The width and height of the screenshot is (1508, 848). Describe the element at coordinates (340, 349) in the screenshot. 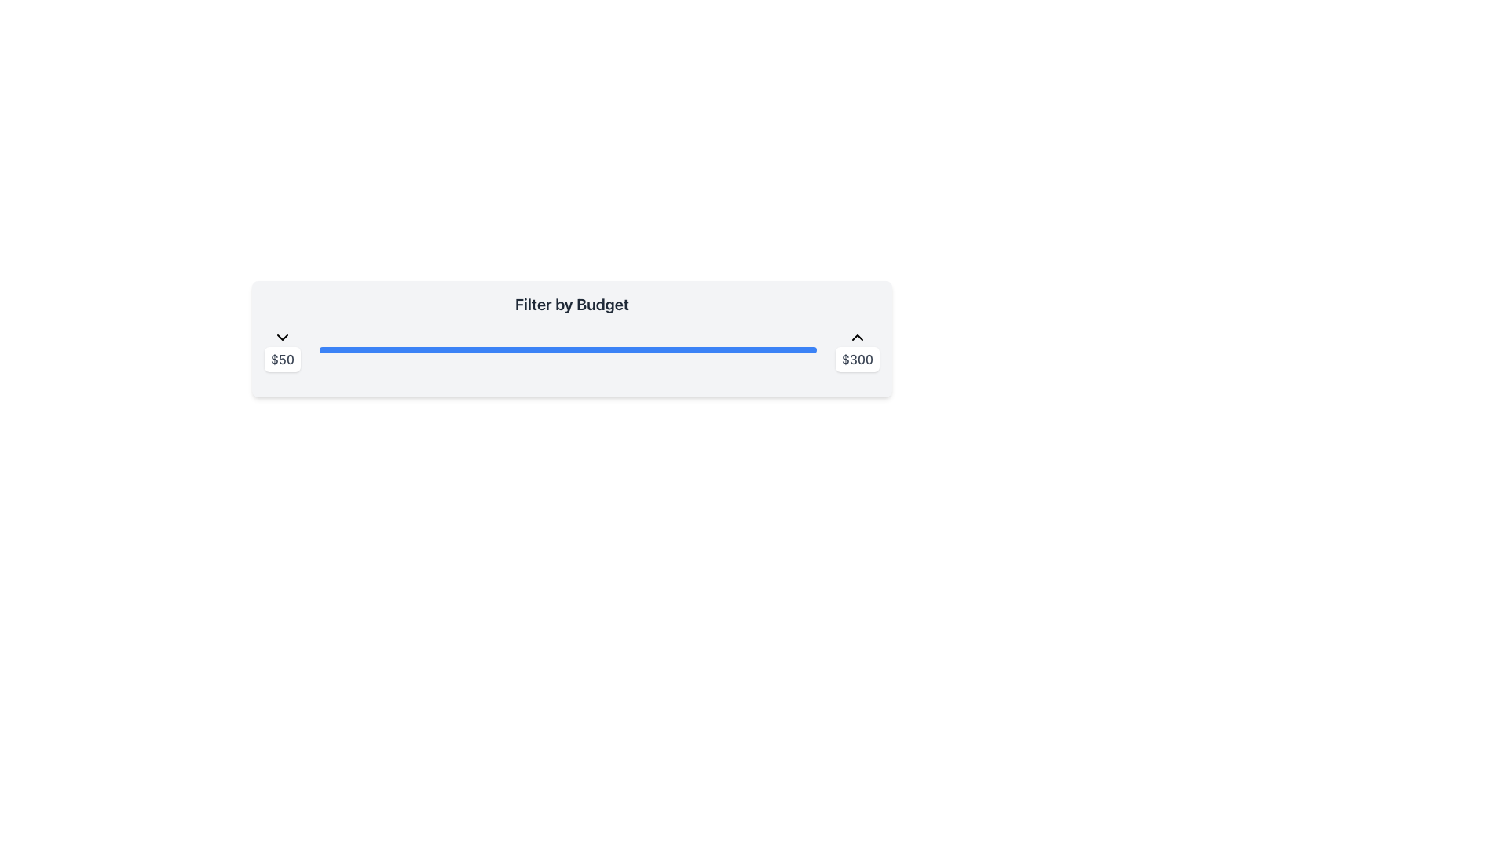

I see `the budget filter` at that location.